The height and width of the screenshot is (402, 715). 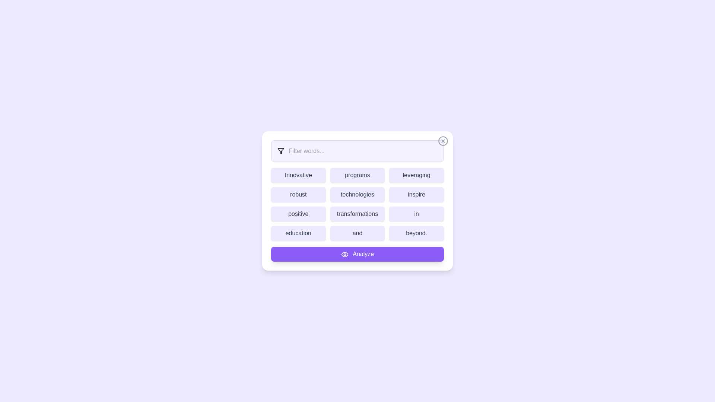 I want to click on the word education to highlight it, so click(x=298, y=233).